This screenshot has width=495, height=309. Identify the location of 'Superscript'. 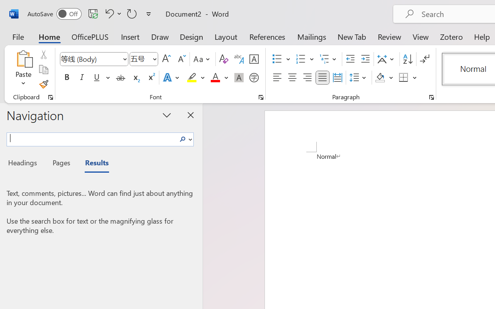
(151, 78).